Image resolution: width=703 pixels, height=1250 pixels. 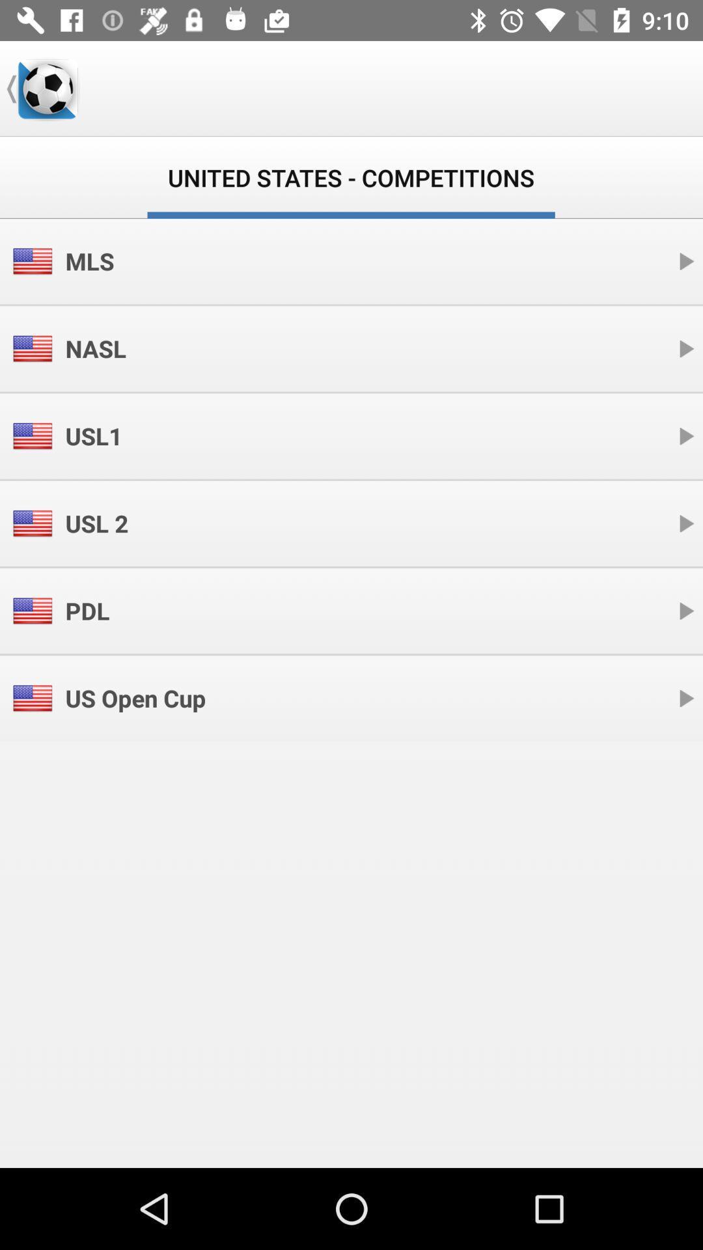 I want to click on the mls, so click(x=89, y=260).